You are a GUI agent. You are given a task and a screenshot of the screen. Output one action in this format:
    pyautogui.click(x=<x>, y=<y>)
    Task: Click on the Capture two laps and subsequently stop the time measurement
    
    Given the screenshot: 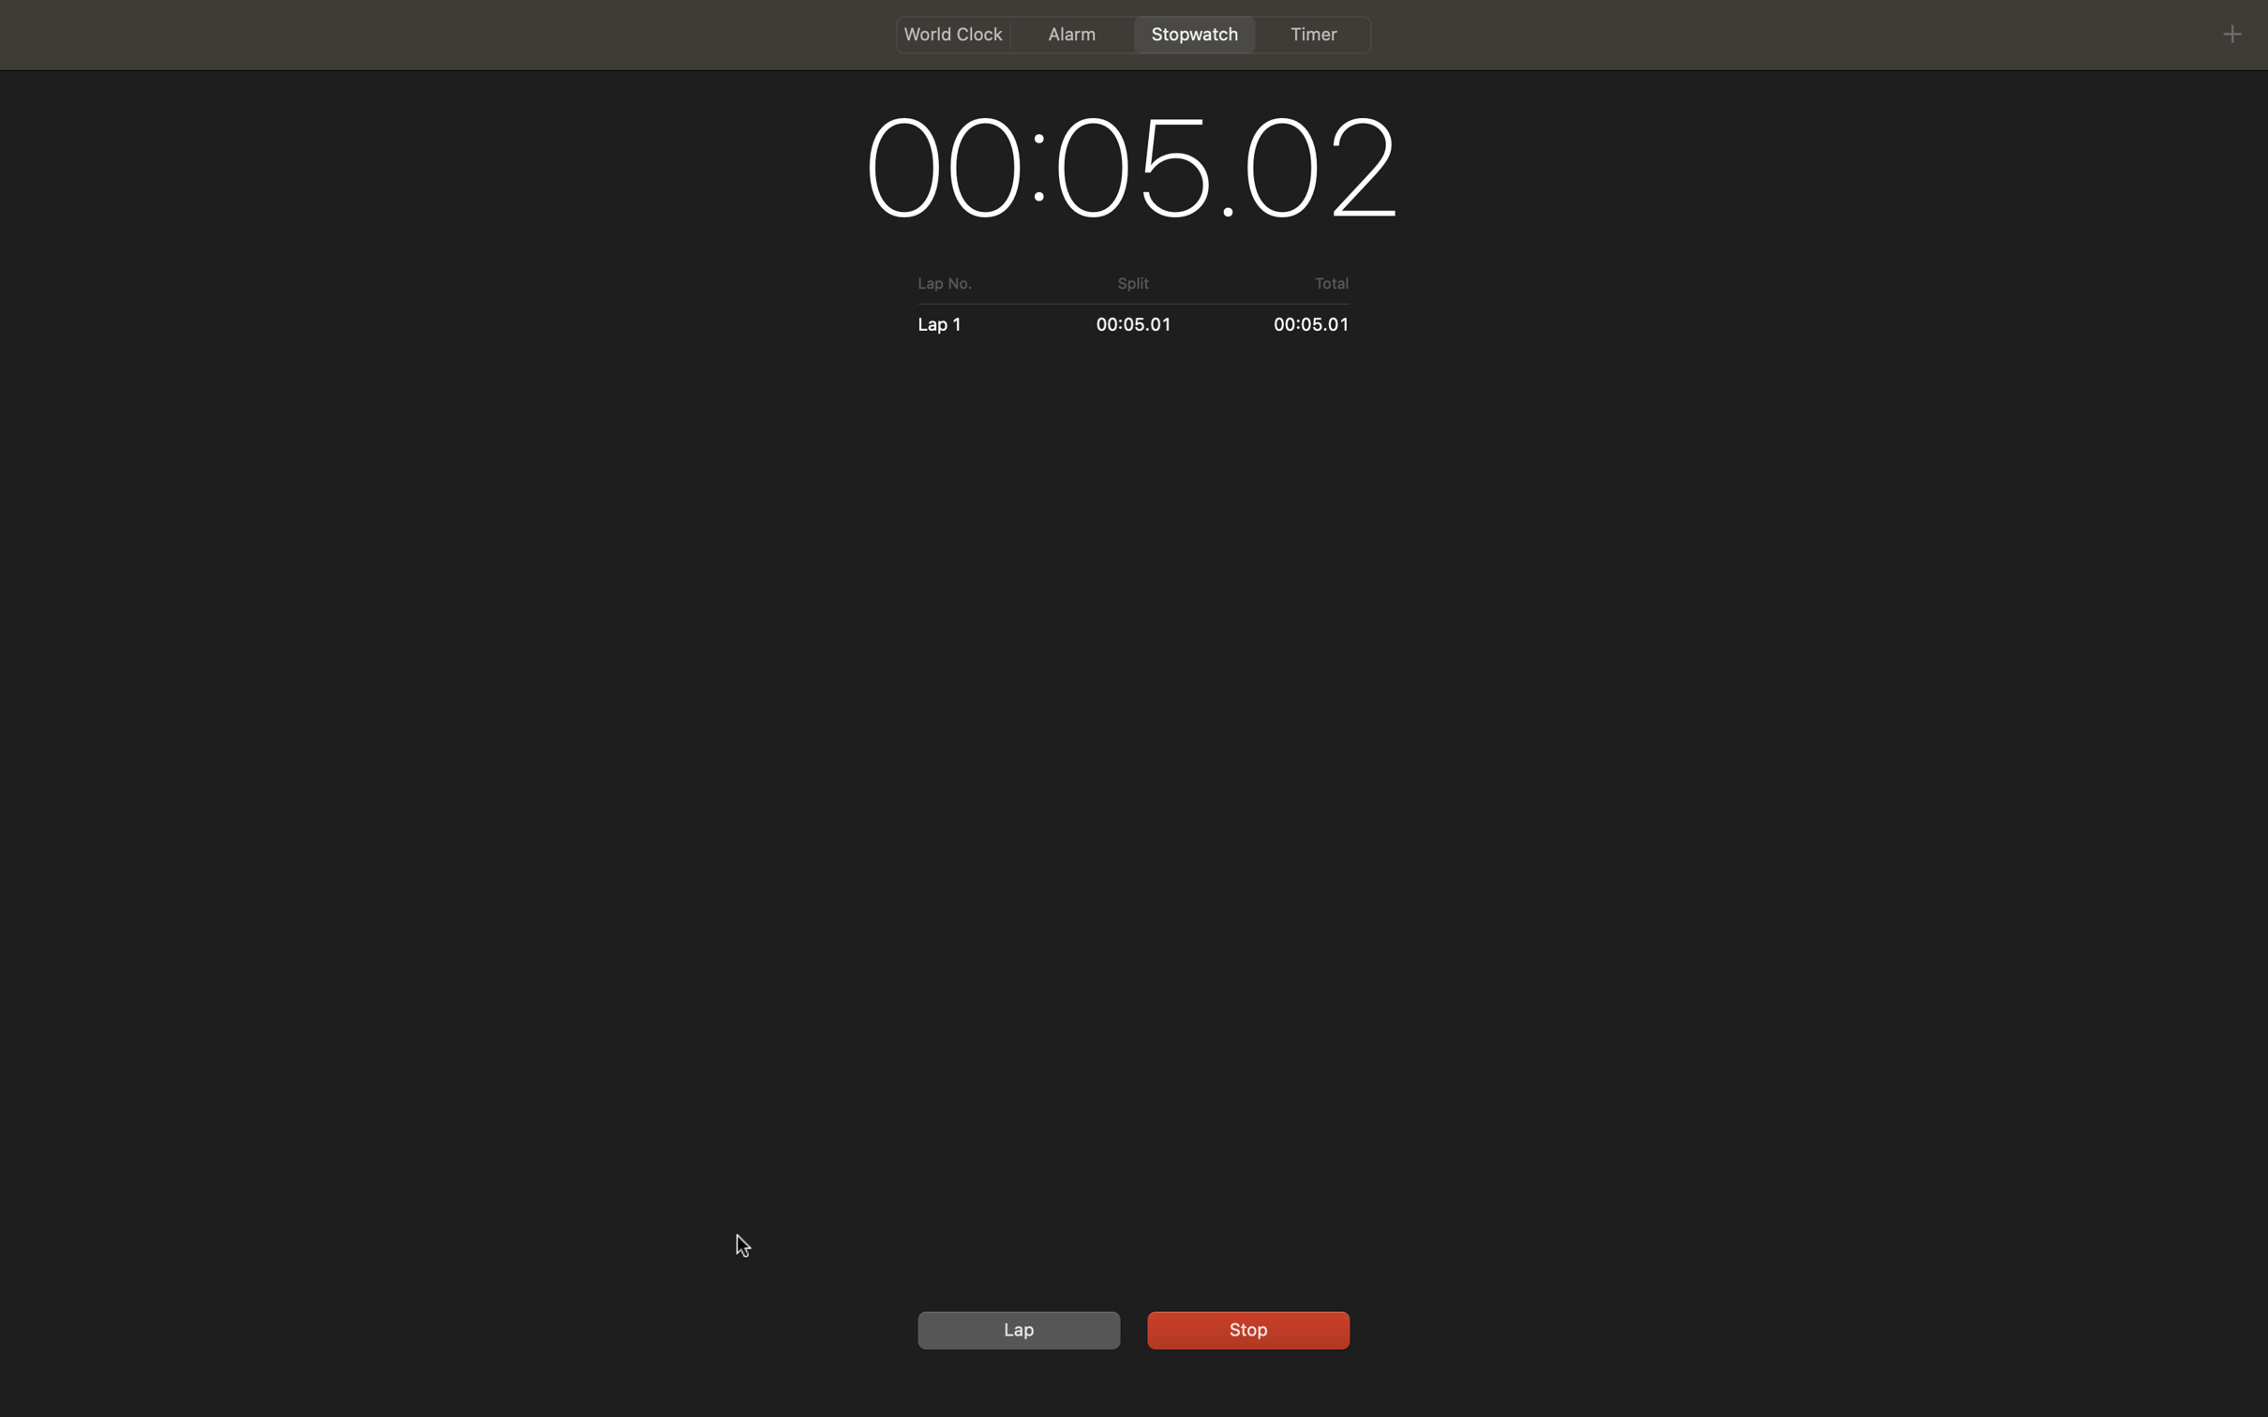 What is the action you would take?
    pyautogui.click(x=1015, y=1329)
    